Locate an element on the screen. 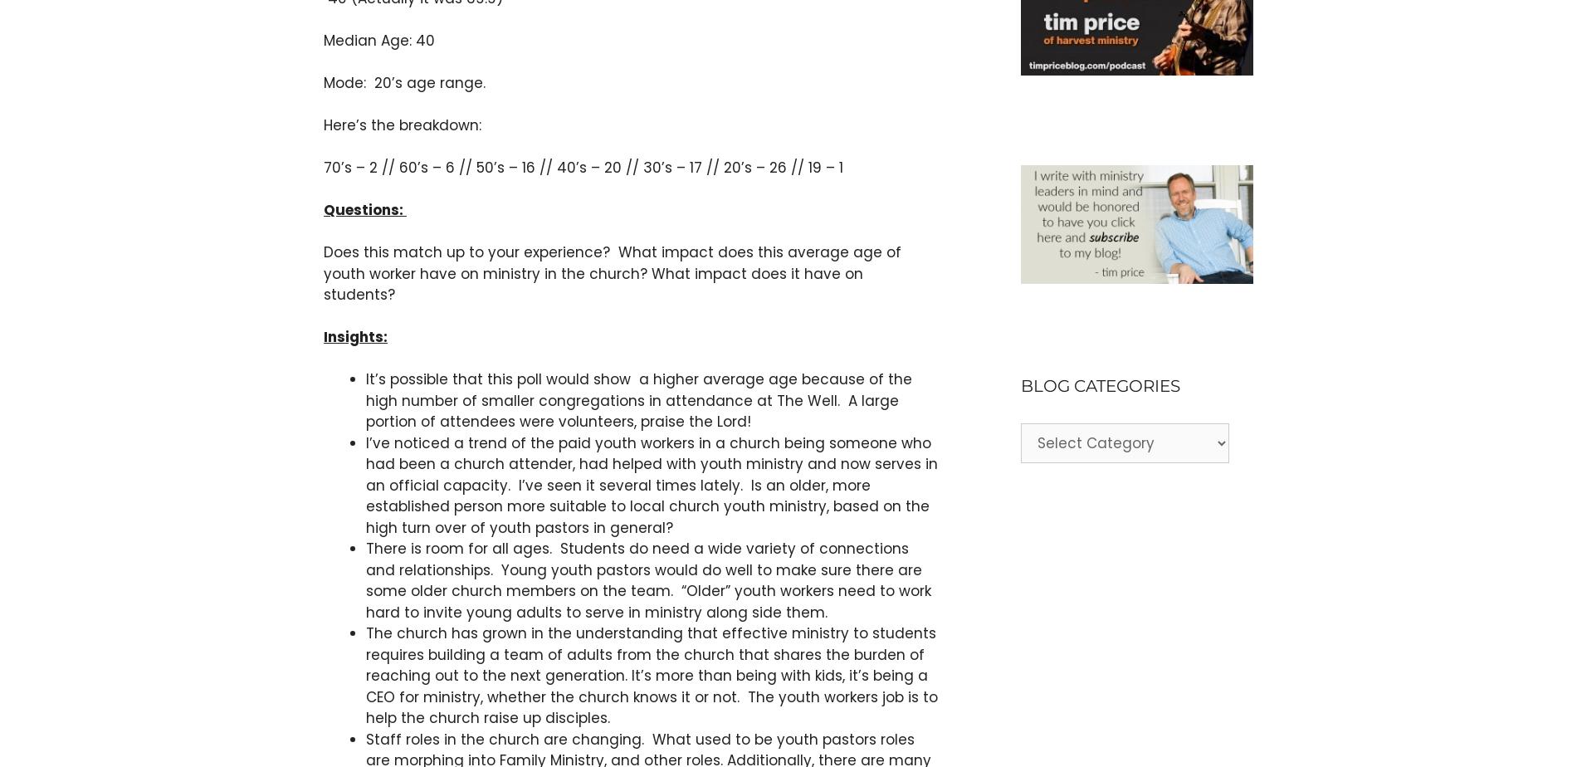 The width and height of the screenshot is (1577, 767). 'BLOG CATEGORIES' is located at coordinates (1100, 385).